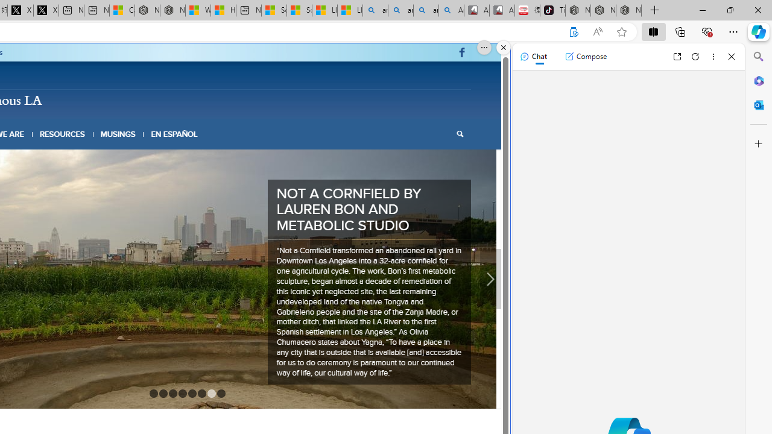 This screenshot has width=772, height=434. Describe the element at coordinates (533, 56) in the screenshot. I see `'Chat'` at that location.